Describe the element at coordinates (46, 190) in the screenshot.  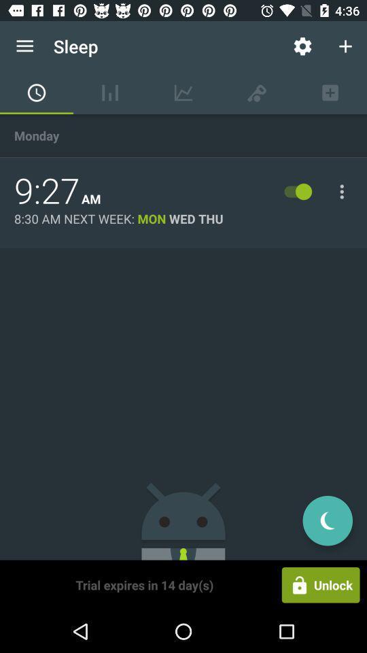
I see `icon to the left of am` at that location.